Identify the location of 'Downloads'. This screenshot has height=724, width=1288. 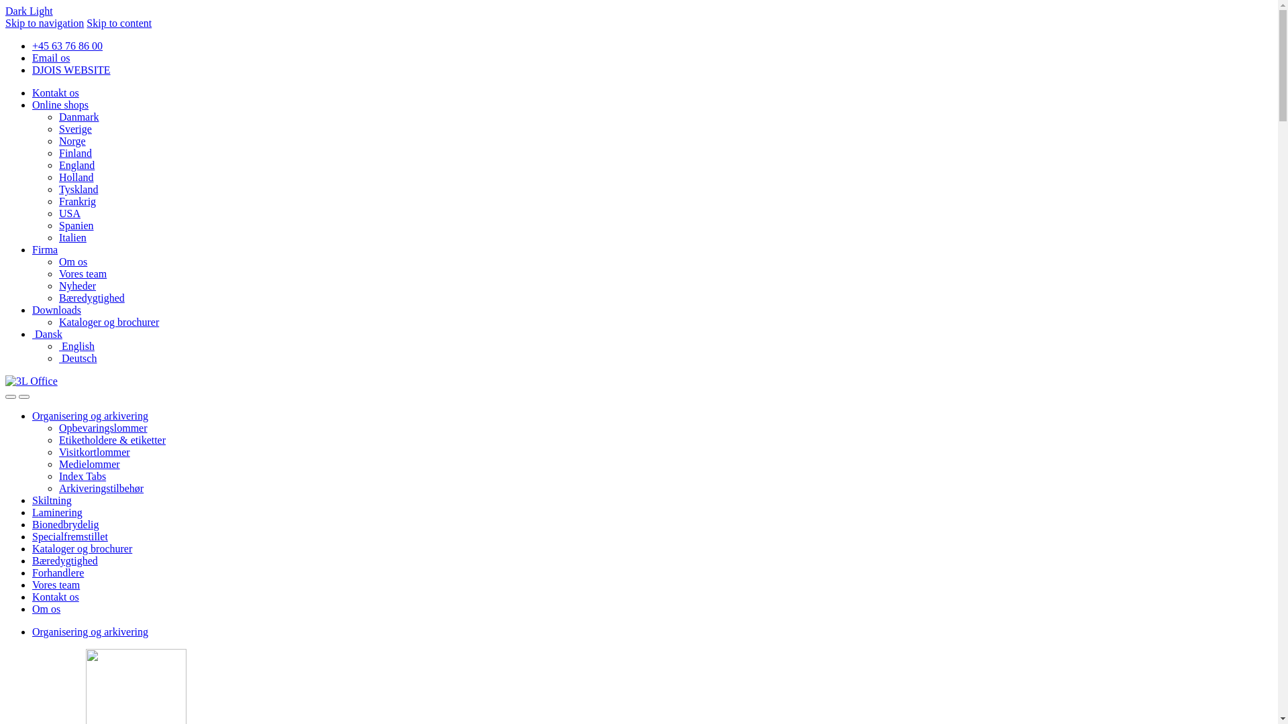
(56, 310).